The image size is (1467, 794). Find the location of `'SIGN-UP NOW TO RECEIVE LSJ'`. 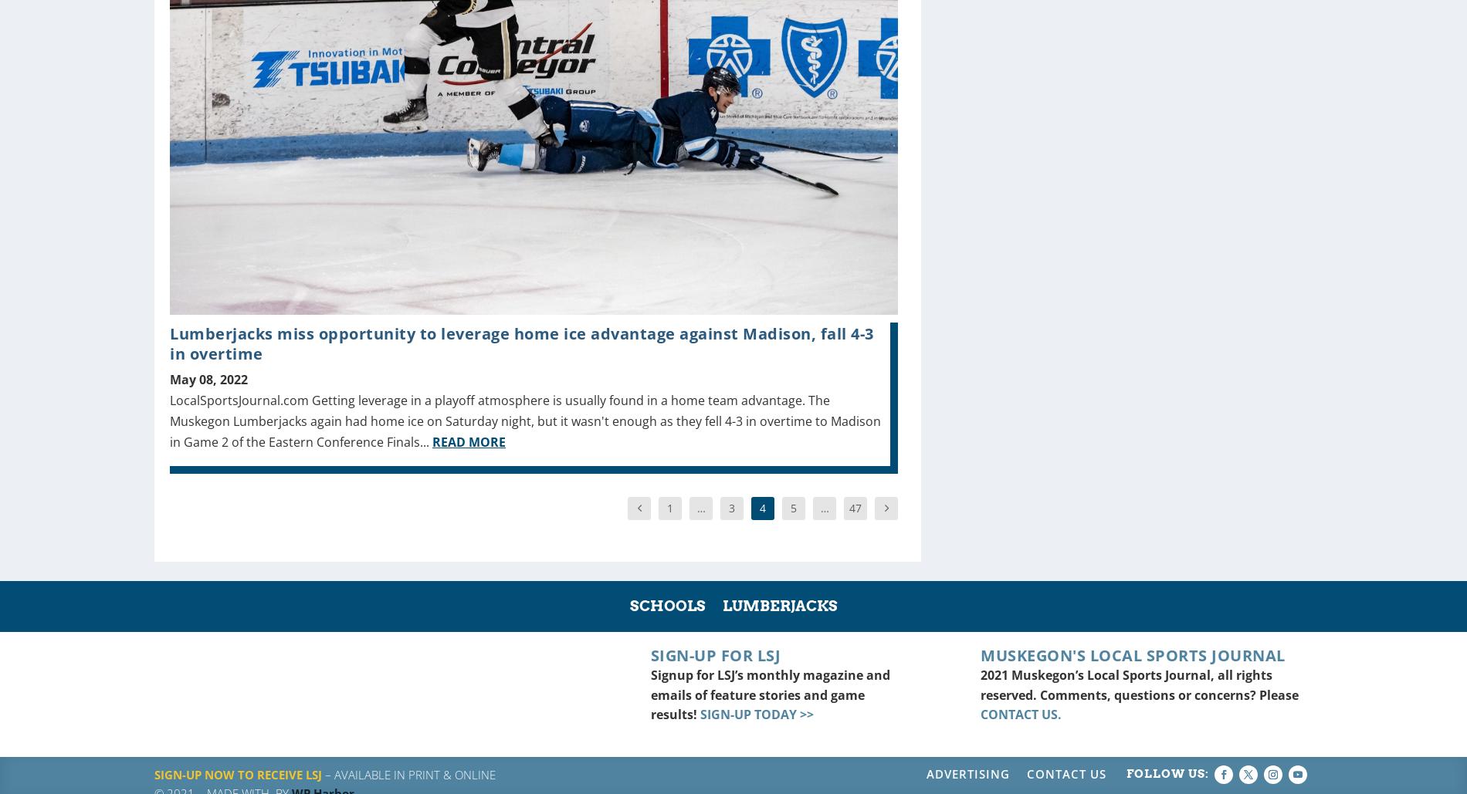

'SIGN-UP NOW TO RECEIVE LSJ' is located at coordinates (237, 773).